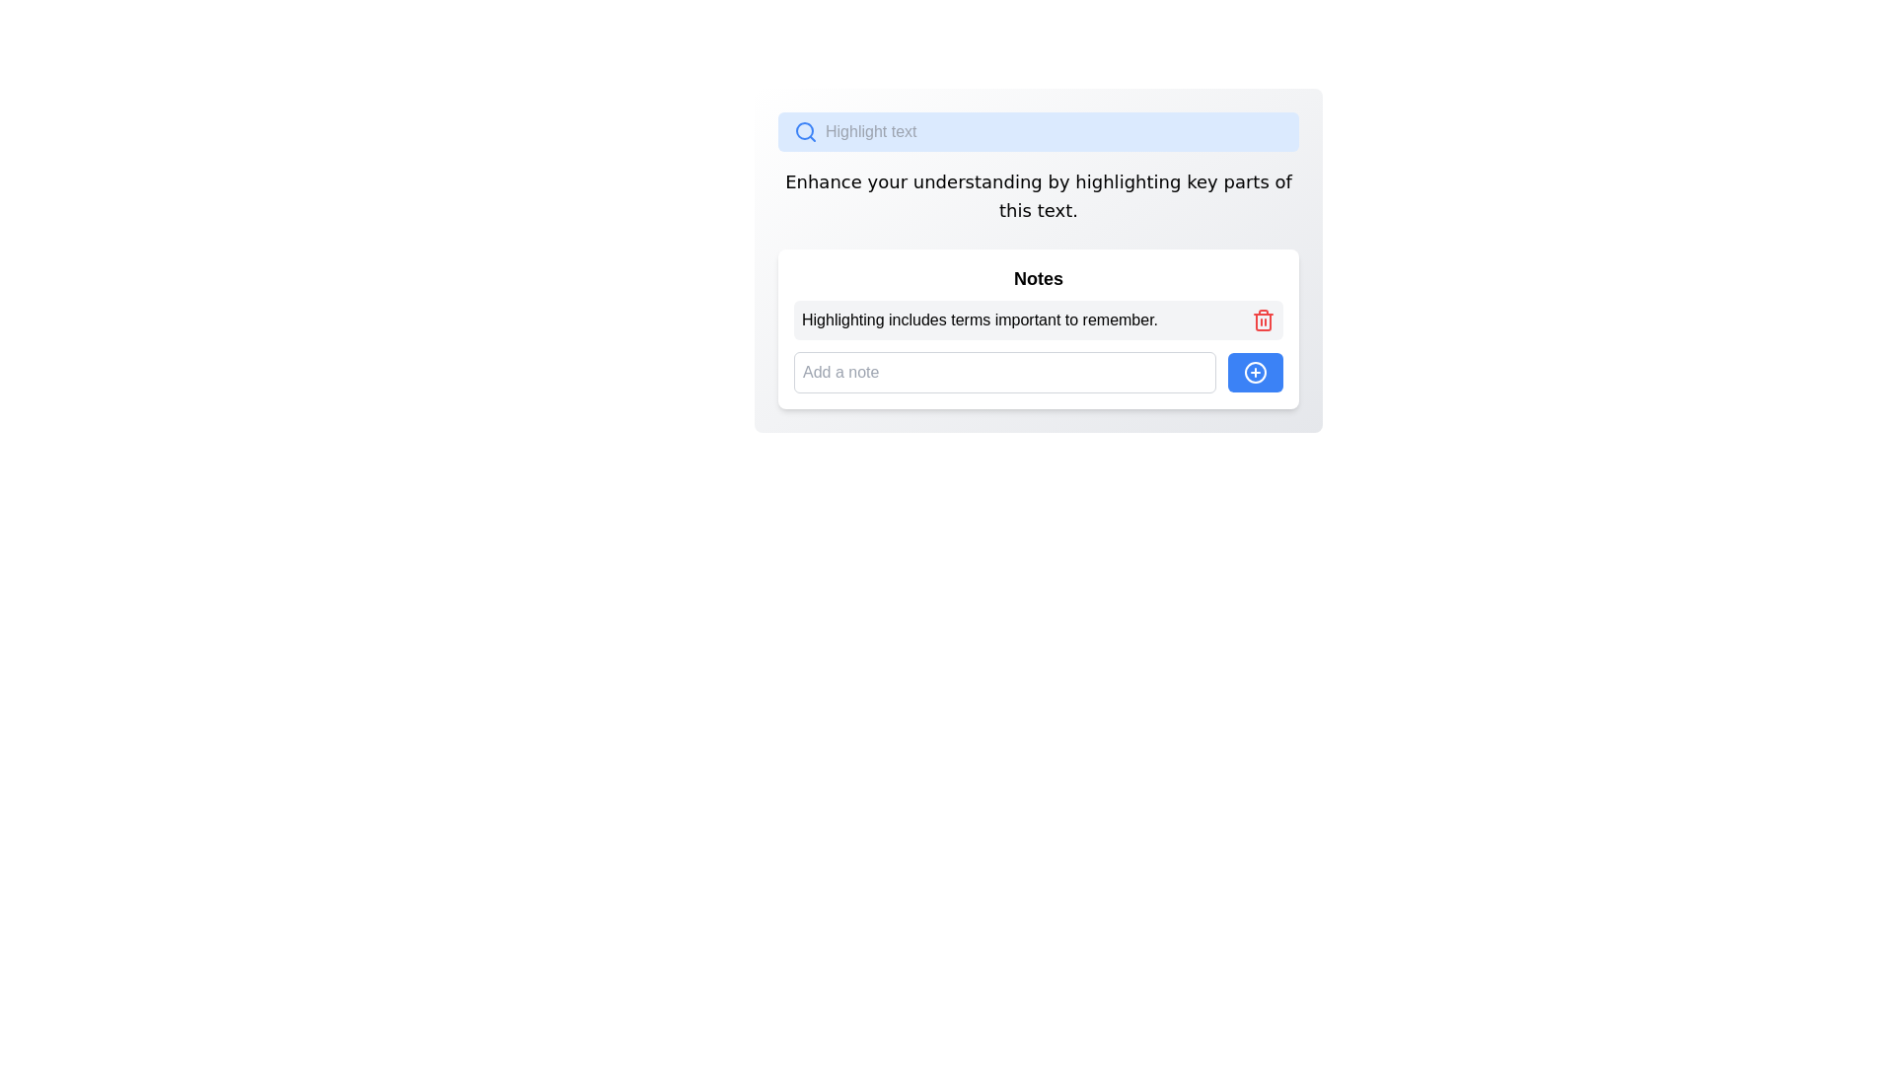 The width and height of the screenshot is (1894, 1065). I want to click on the letter 'e' in the word 'key' located in the sentence 'Enhance your understanding by highlighting key parts of this text.', so click(1201, 181).